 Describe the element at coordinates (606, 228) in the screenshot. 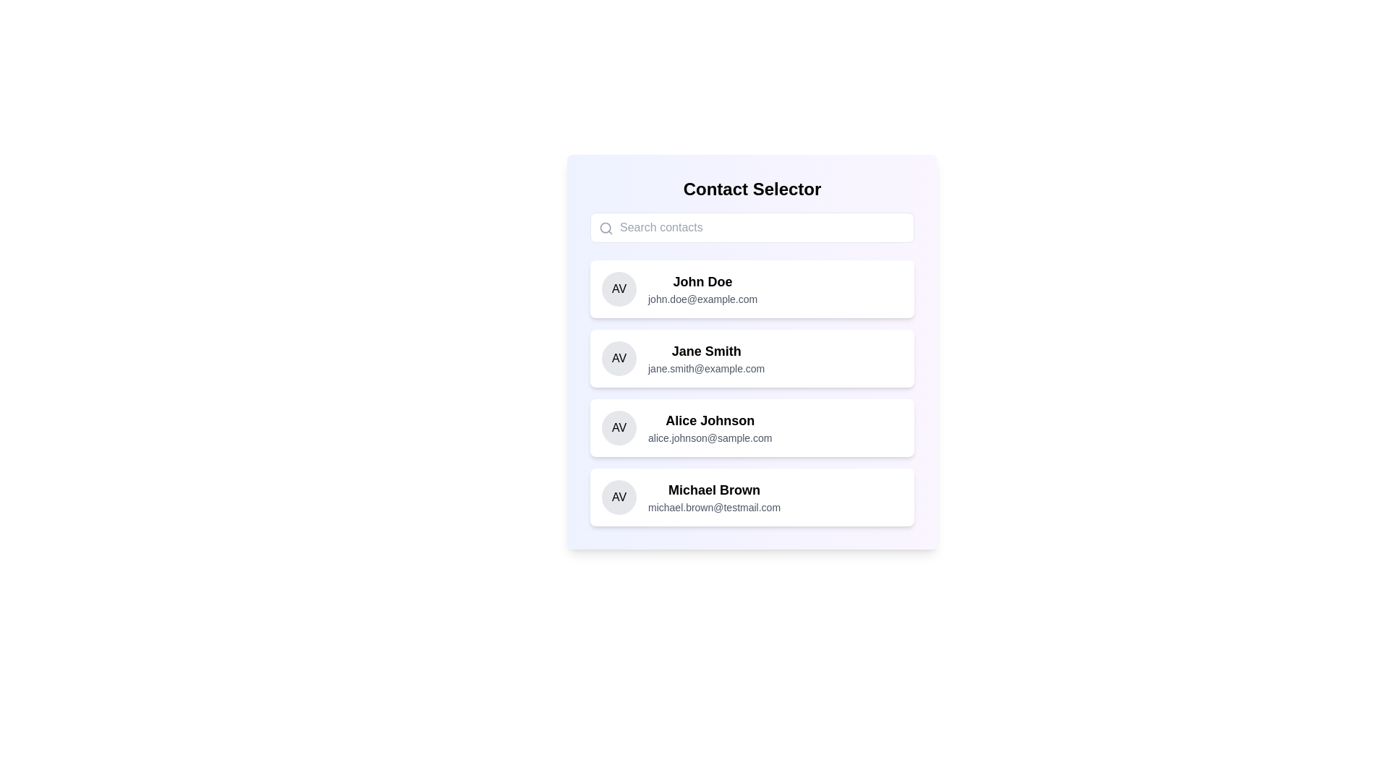

I see `the decorative circular element of the magnifying glass icon, which symbolizes the lens portion of the search icon, located at the top-left corner of the search bar interface` at that location.